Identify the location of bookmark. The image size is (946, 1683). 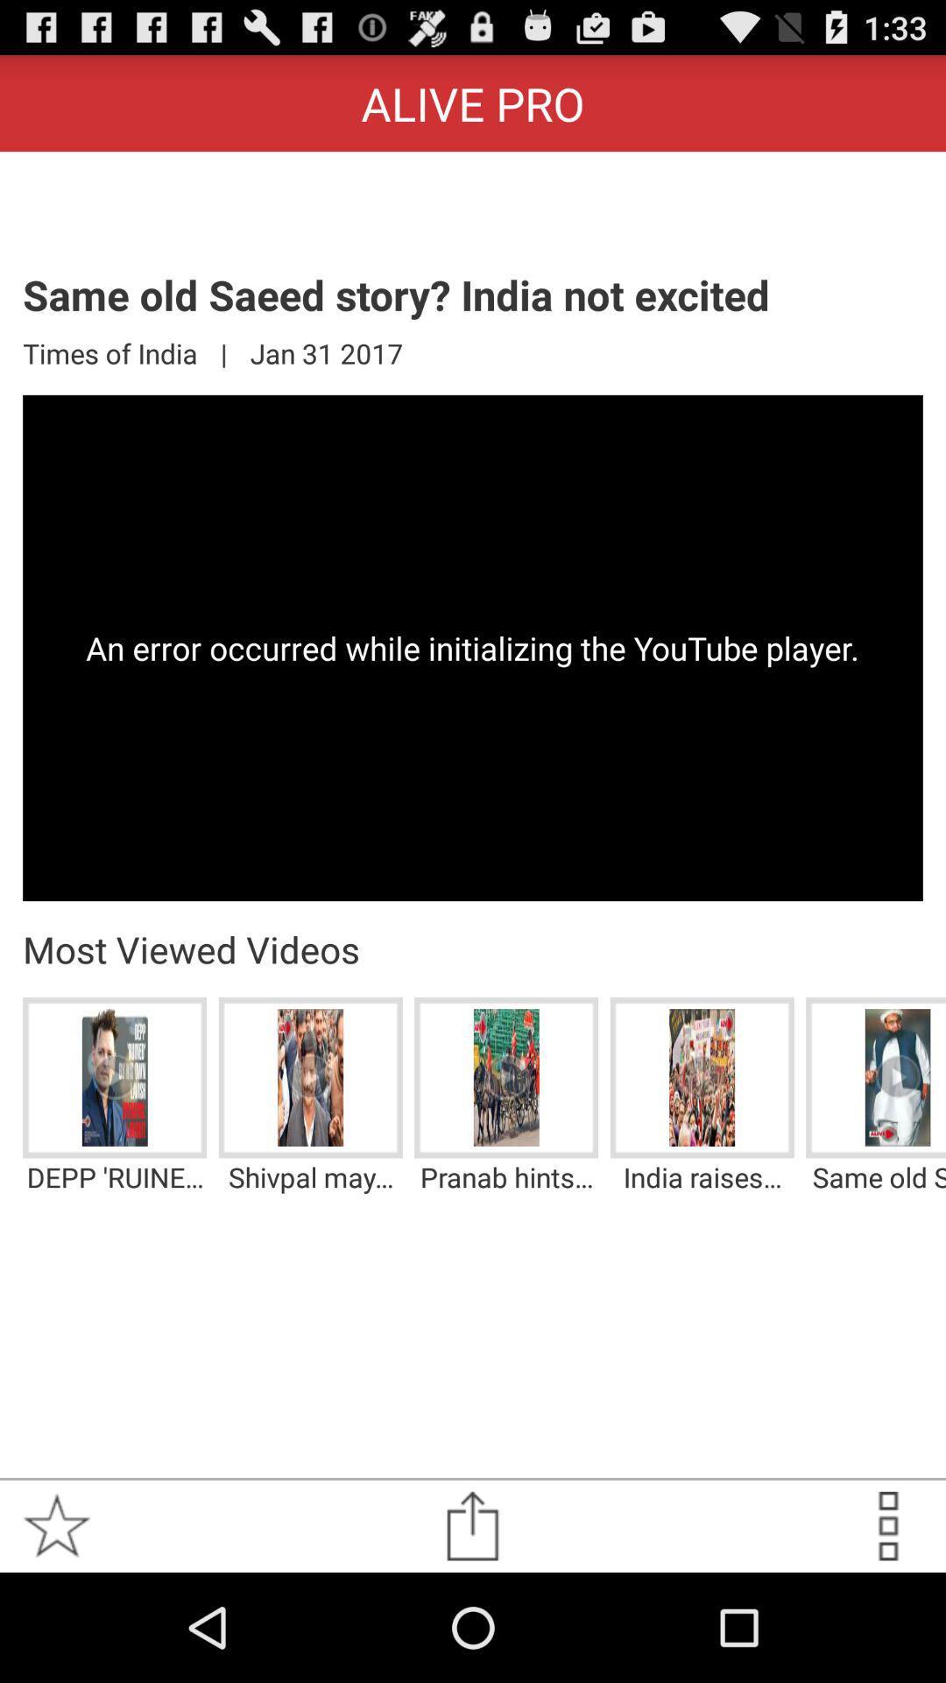
(56, 1525).